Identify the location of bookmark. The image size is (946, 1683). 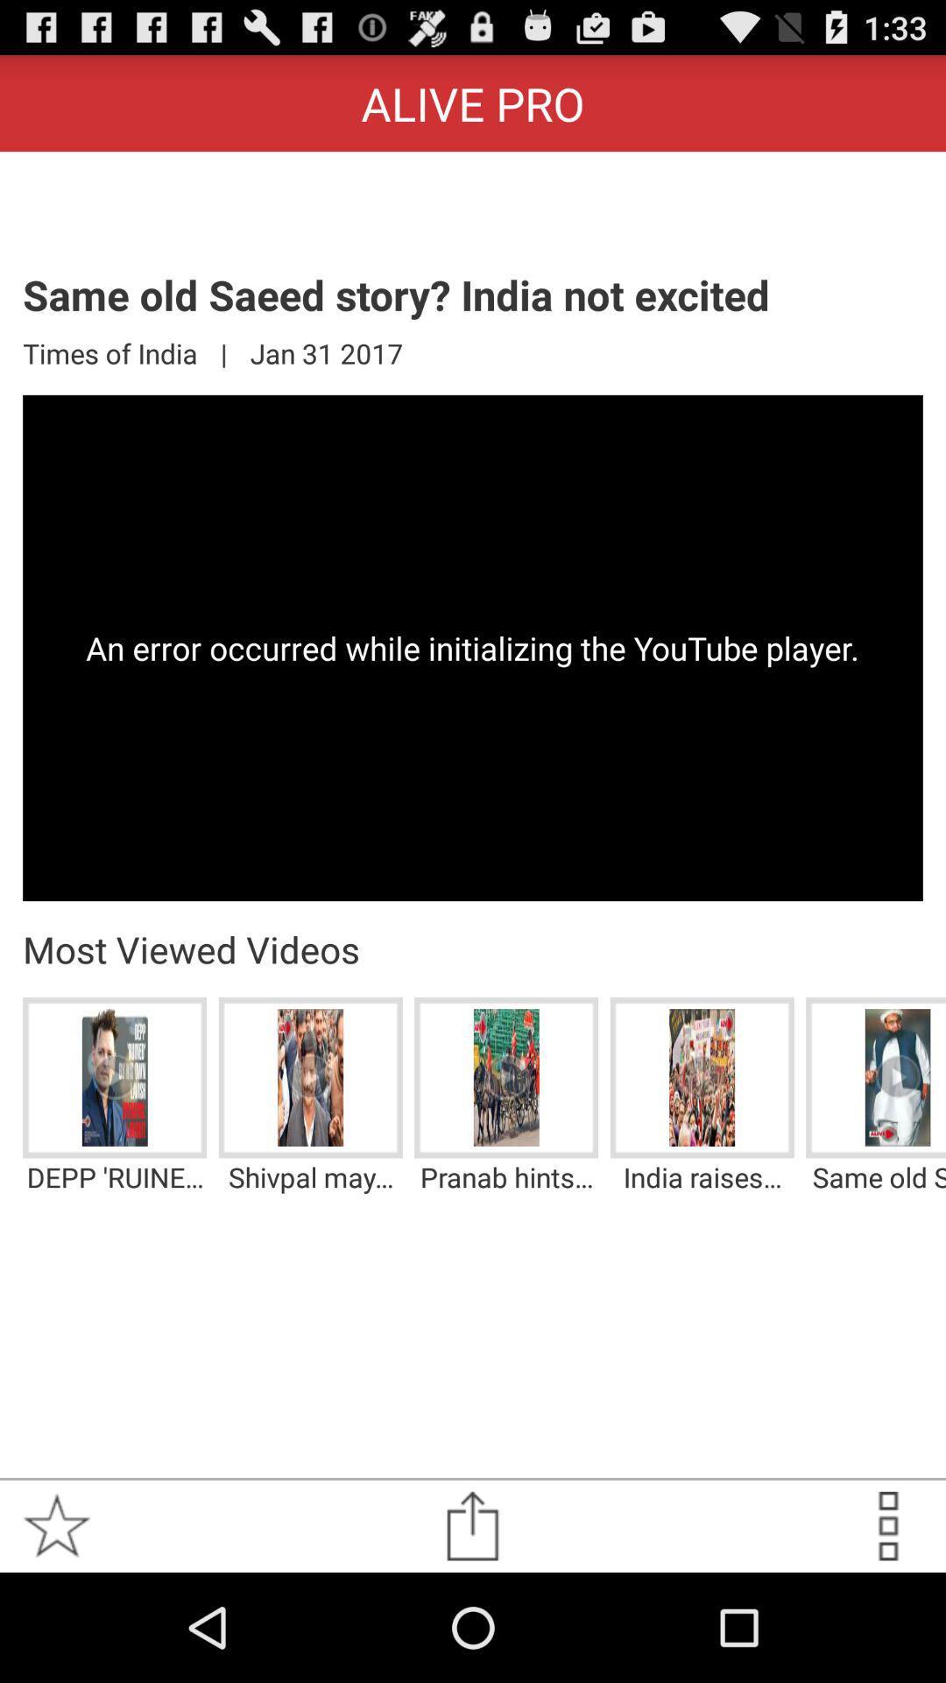
(56, 1525).